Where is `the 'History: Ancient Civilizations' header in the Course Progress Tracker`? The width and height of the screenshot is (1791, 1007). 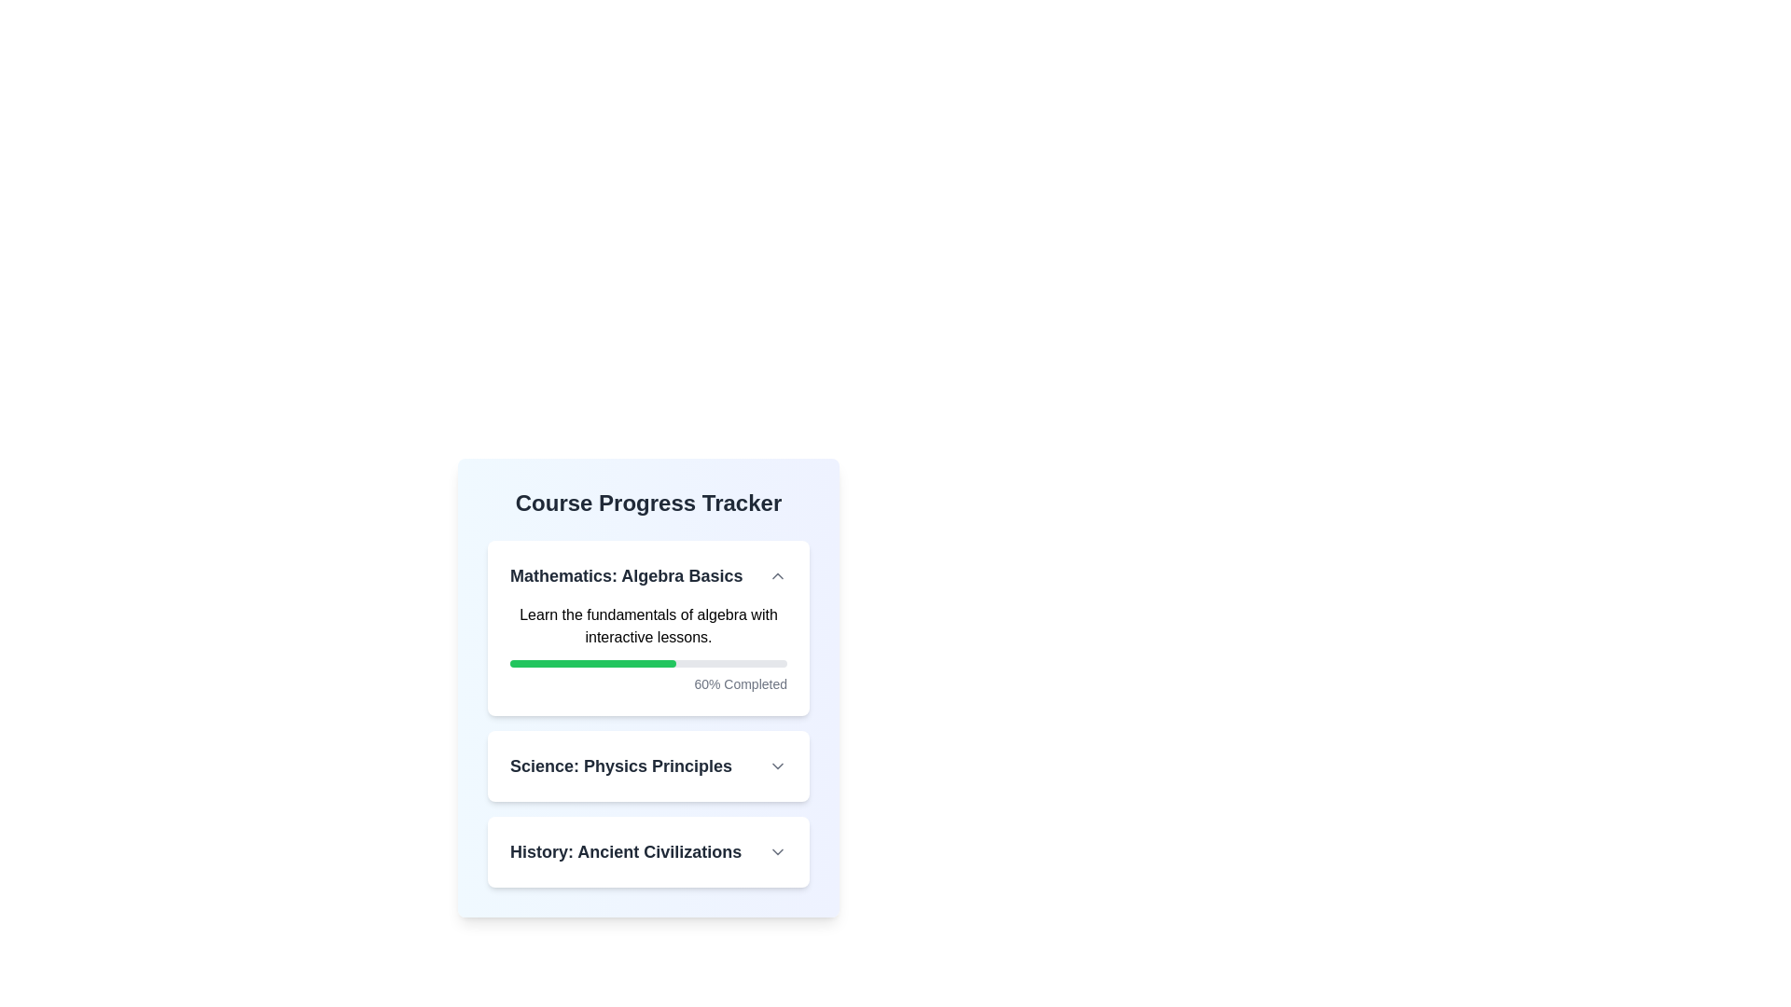
the 'History: Ancient Civilizations' header in the Course Progress Tracker is located at coordinates (648, 852).